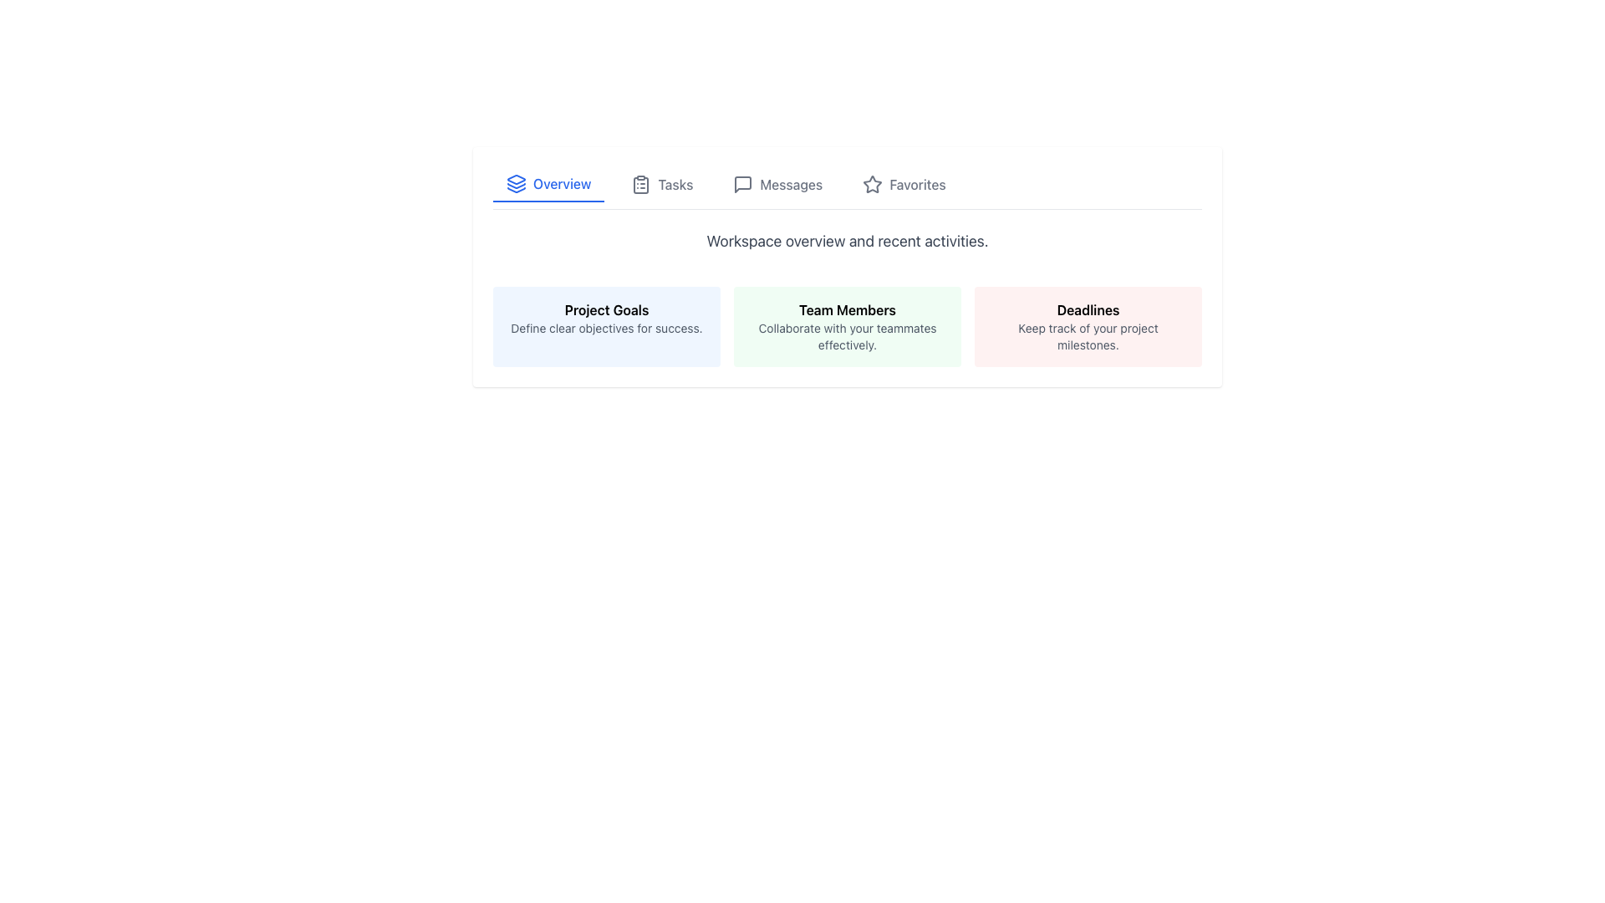 This screenshot has height=903, width=1605. I want to click on the 'Team Members' informational card, which is the second card in a row of three, featuring a light green background, bold black title, and smaller gray subtitle, so click(847, 326).